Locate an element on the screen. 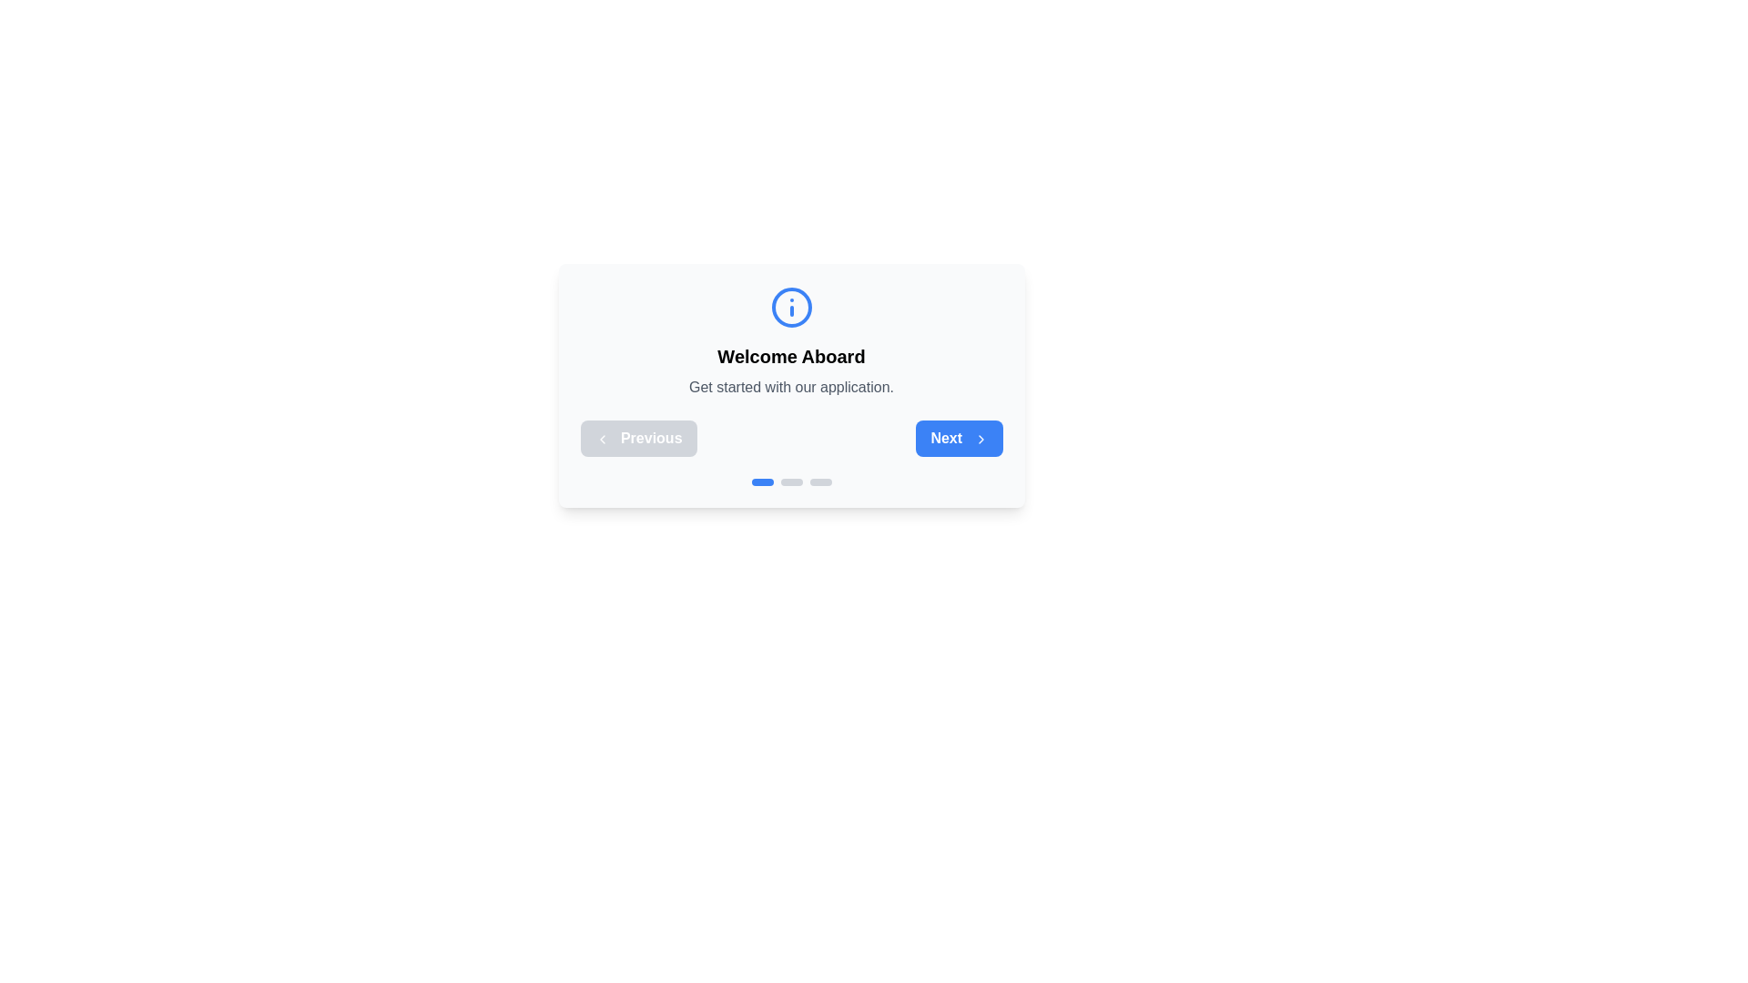 The width and height of the screenshot is (1748, 983). the circular icon with a blue border and 'i' symbol, which is located above the 'Welcome Aboard' heading is located at coordinates (791, 307).